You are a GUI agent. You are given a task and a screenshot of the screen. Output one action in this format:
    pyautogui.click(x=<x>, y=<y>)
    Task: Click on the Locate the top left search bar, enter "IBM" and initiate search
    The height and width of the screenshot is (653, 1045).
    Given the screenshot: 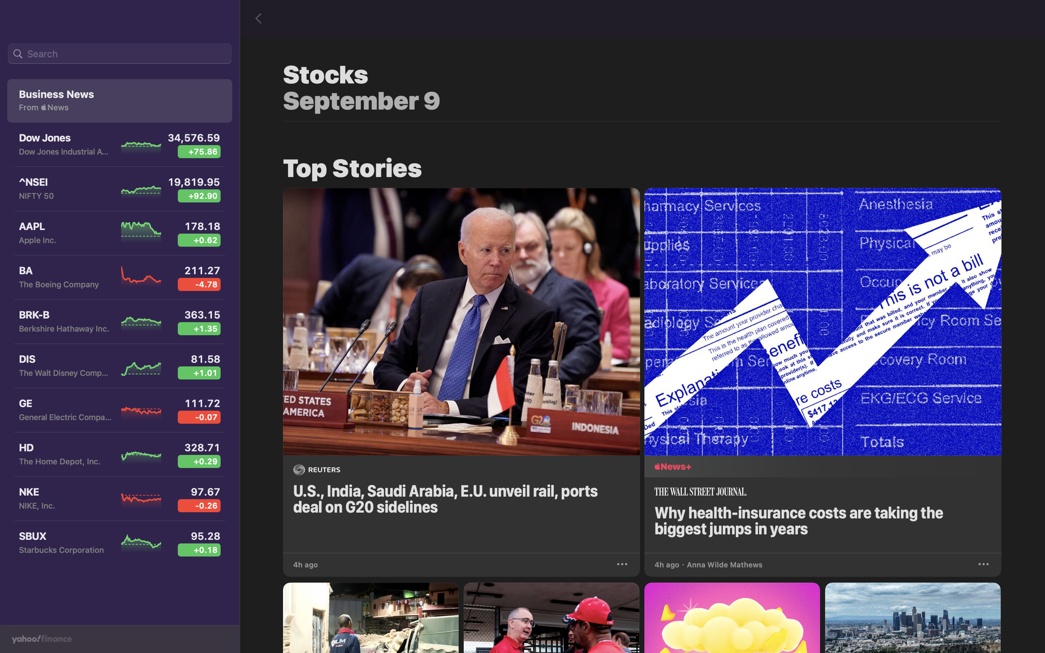 What is the action you would take?
    pyautogui.click(x=119, y=54)
    